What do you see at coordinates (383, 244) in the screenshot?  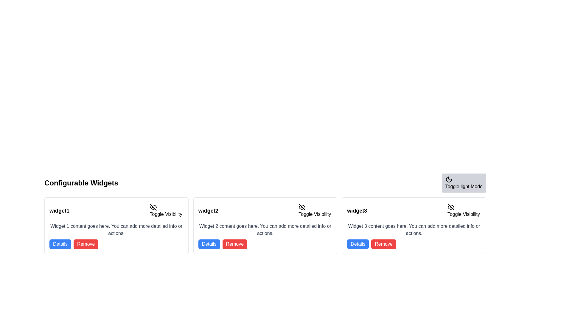 I see `the 'Remove' button located to the right of the 'Details' button in the bottom-right side of the widget box` at bounding box center [383, 244].